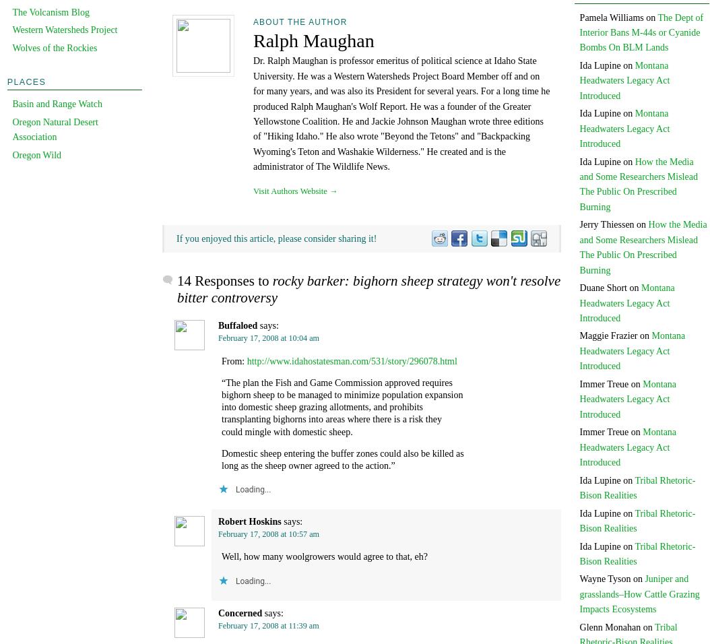 Image resolution: width=710 pixels, height=644 pixels. I want to click on 'http://www.idahostatesman.com/531/story/296078.html', so click(351, 360).